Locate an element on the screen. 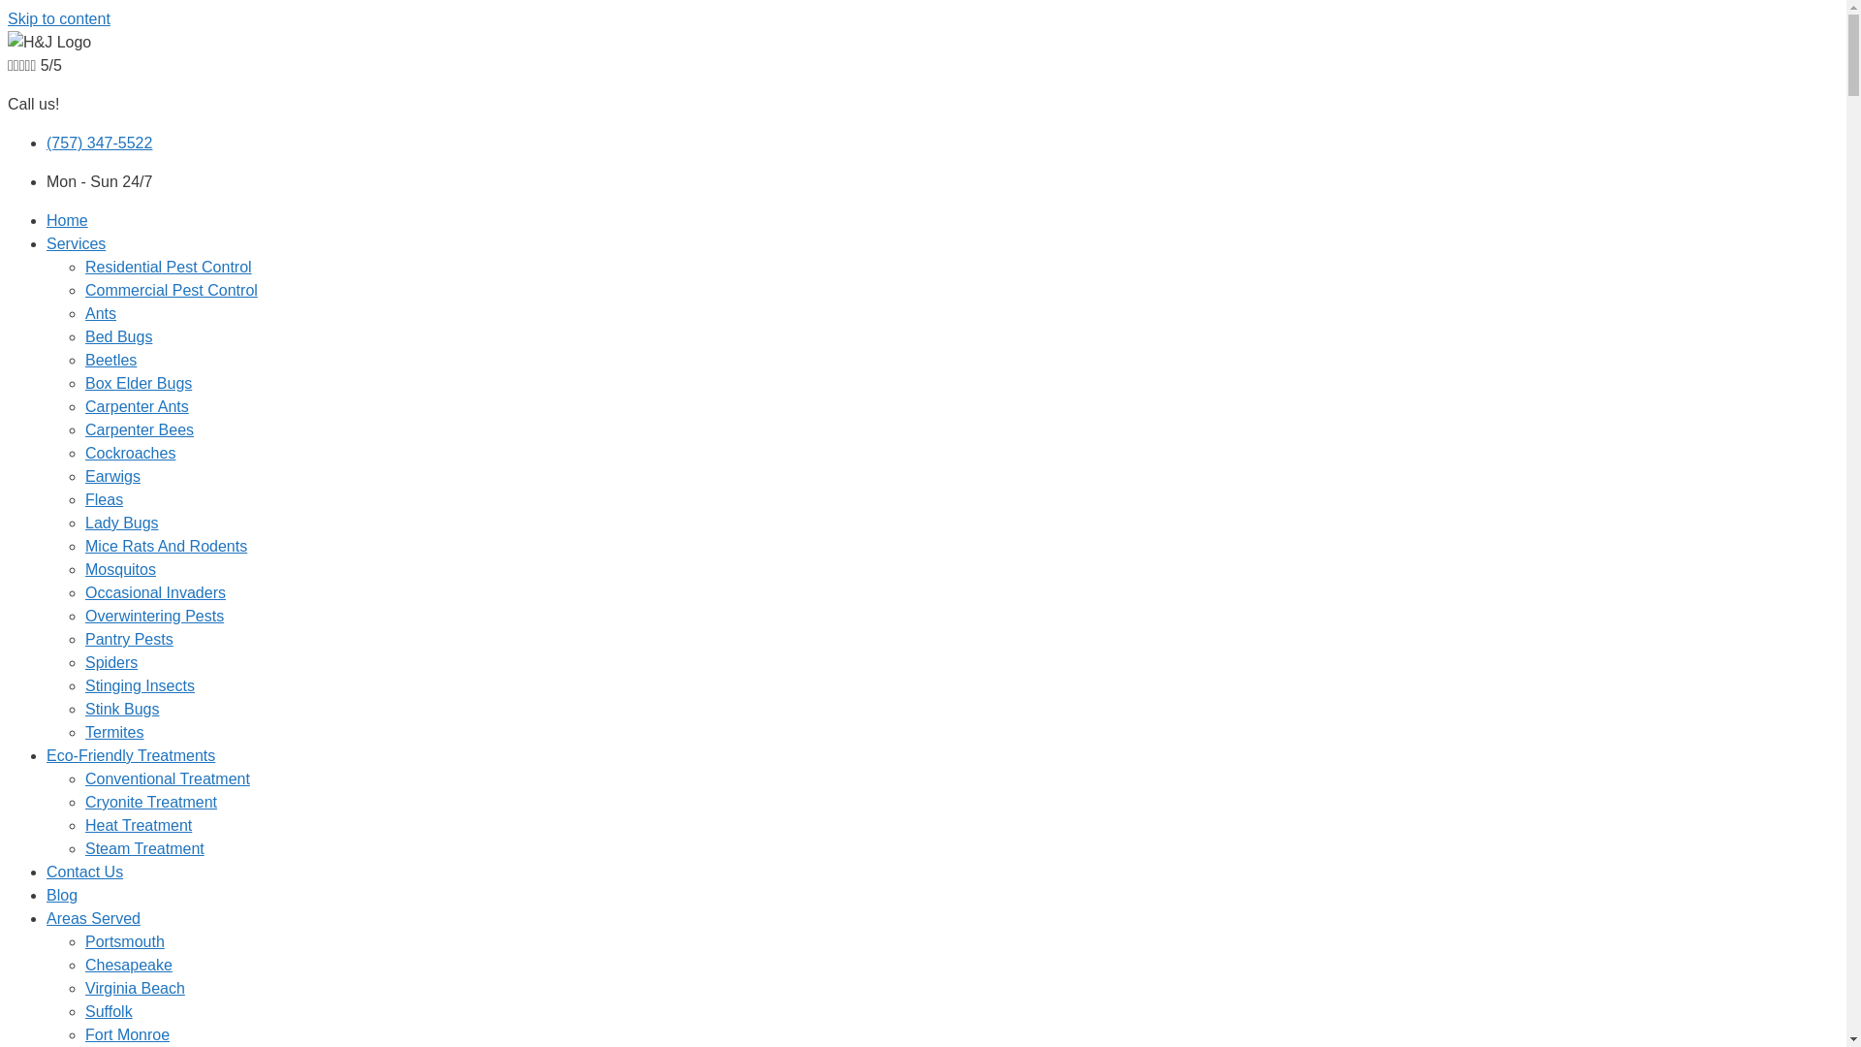  'Portsmouth' is located at coordinates (124, 940).